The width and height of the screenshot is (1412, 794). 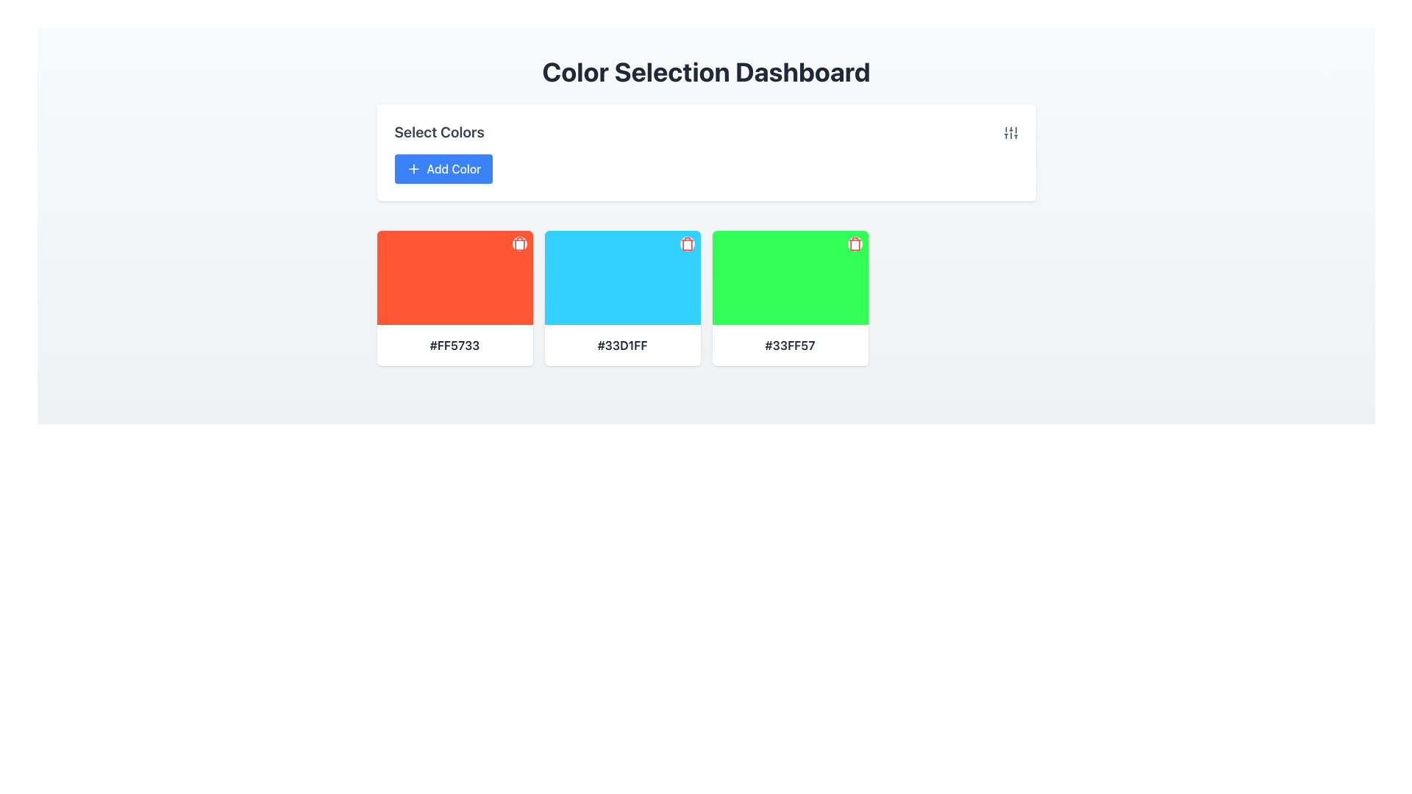 I want to click on the deletion button located at the top-right corner of the second card in the horizontal list under the 'Select Colors' header, so click(x=686, y=243).